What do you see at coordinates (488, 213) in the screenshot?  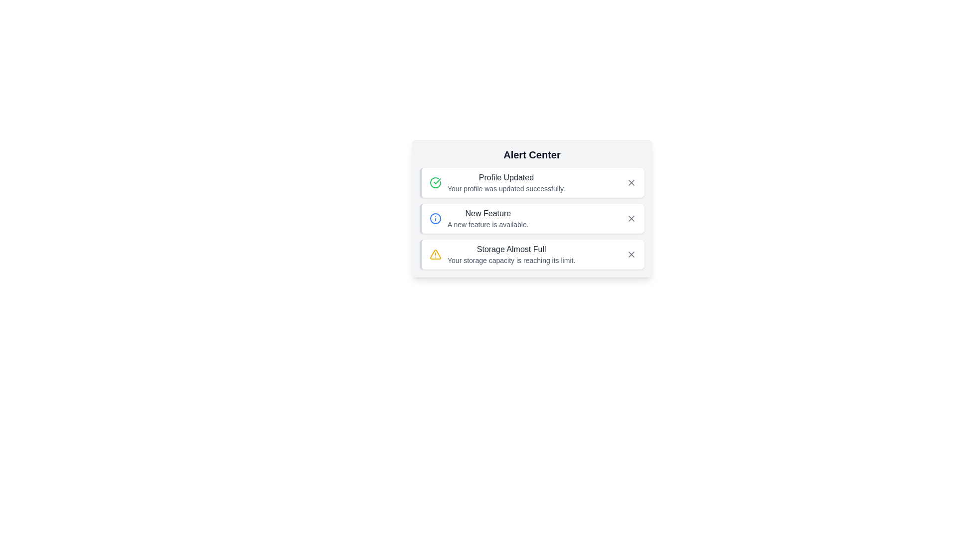 I see `text label that displays 'New Feature' in bold, medium-sized dark gray font, positioned in the Alert Center above the description 'A new feature is available.'` at bounding box center [488, 213].